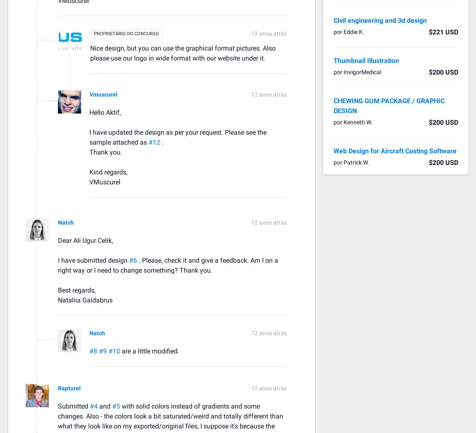 This screenshot has width=476, height=433. I want to click on 'Proprietário do Concurso', so click(94, 33).